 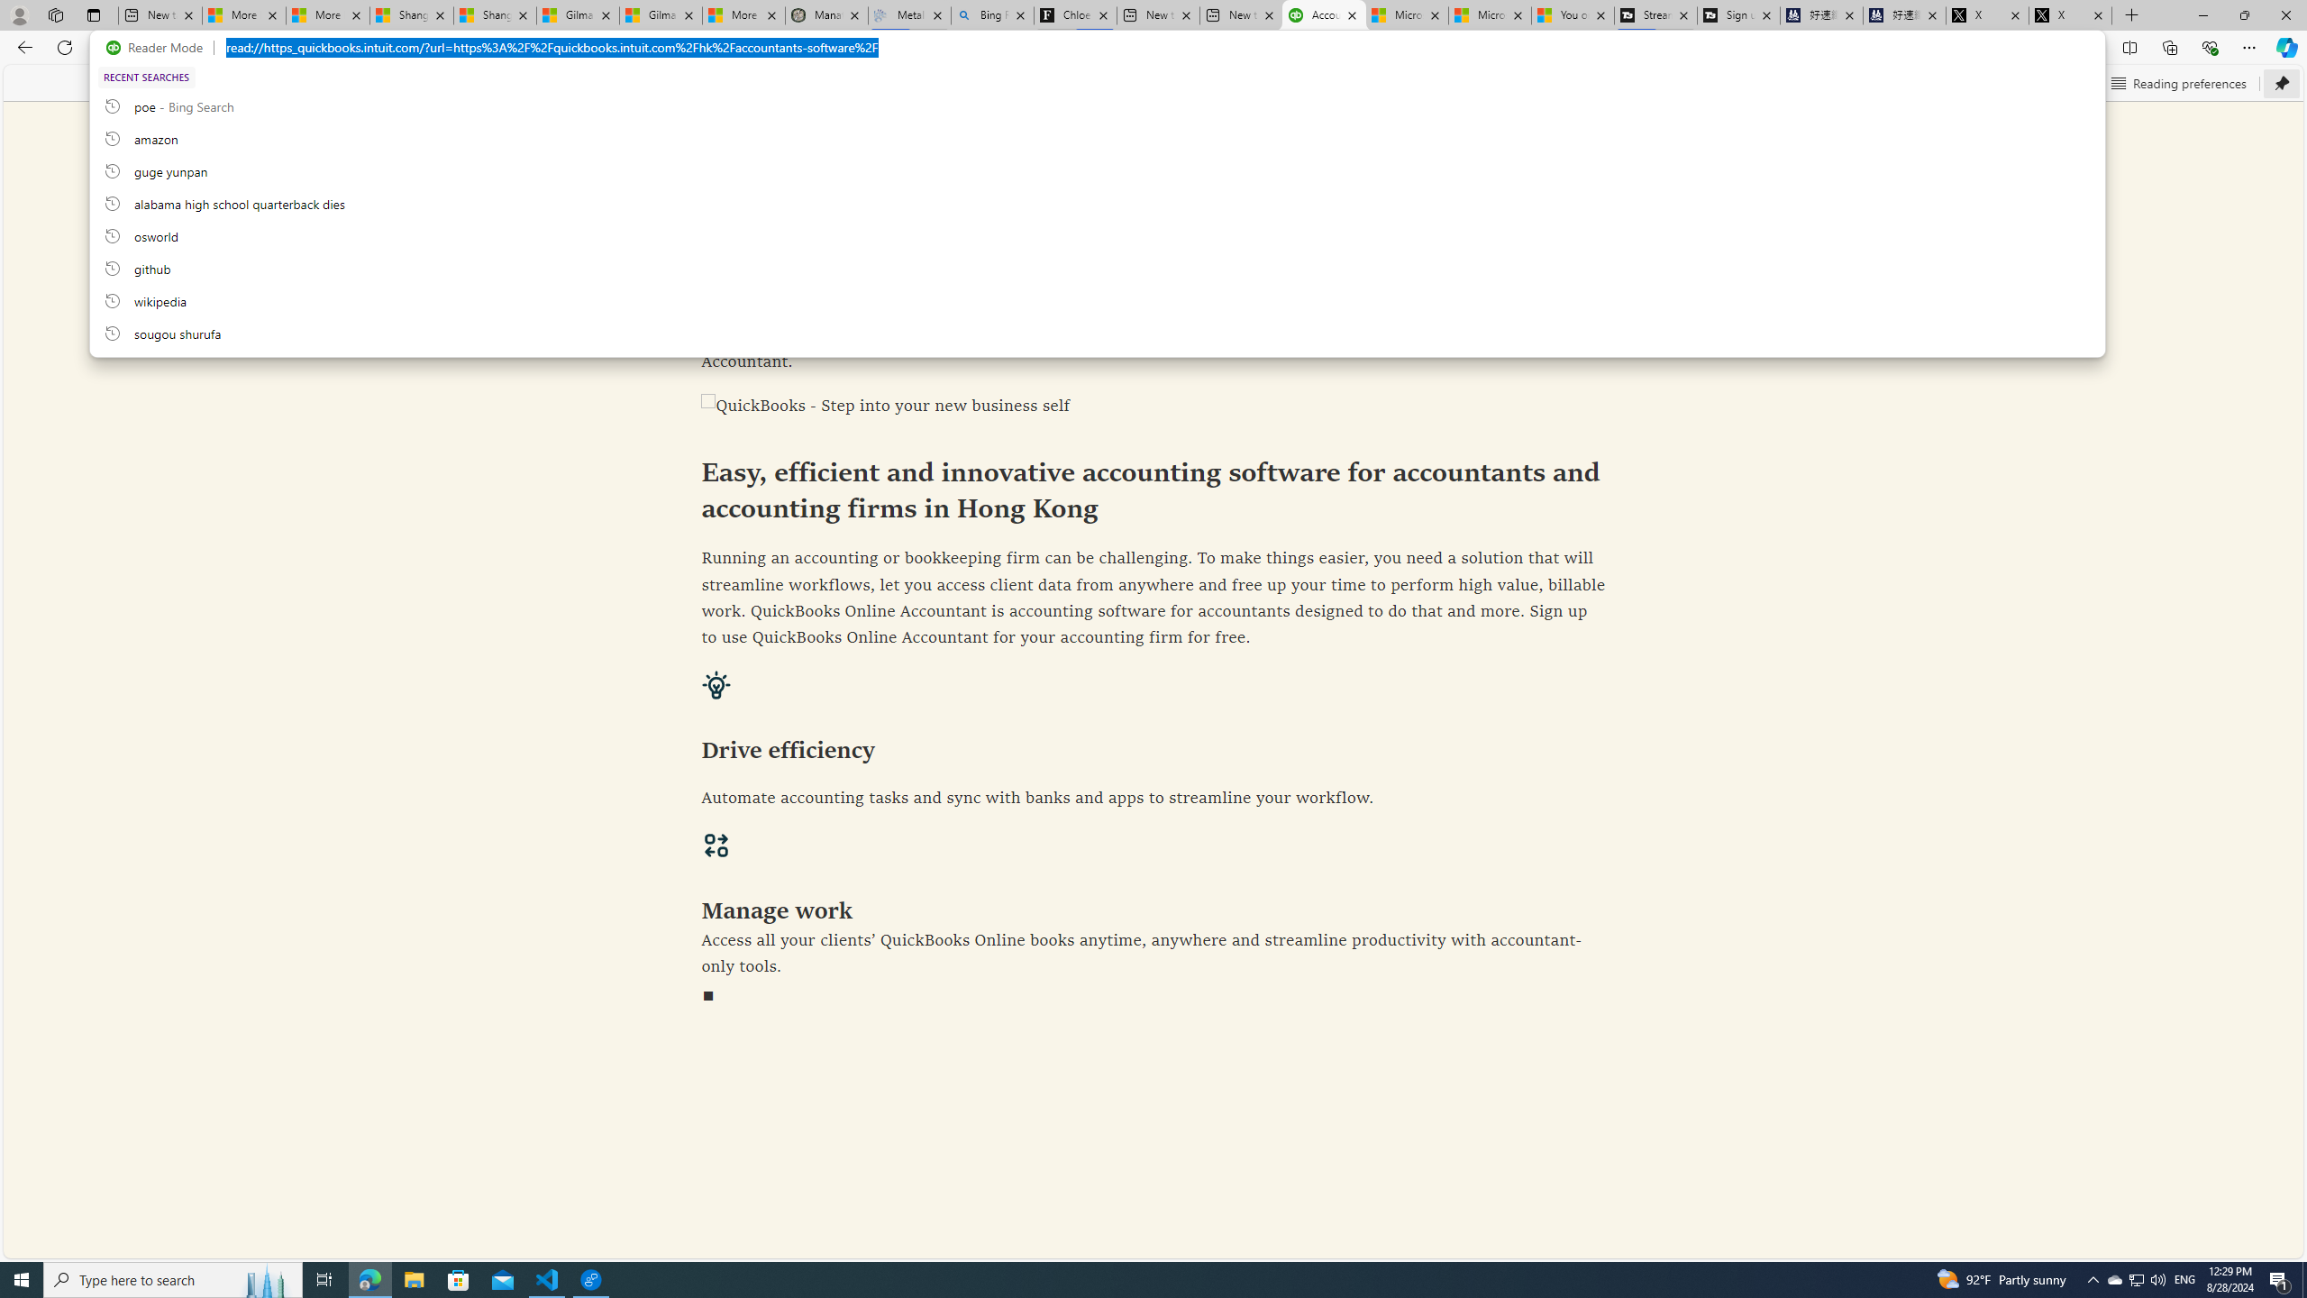 What do you see at coordinates (2281, 82) in the screenshot?
I see `'Unpin toolbar'` at bounding box center [2281, 82].